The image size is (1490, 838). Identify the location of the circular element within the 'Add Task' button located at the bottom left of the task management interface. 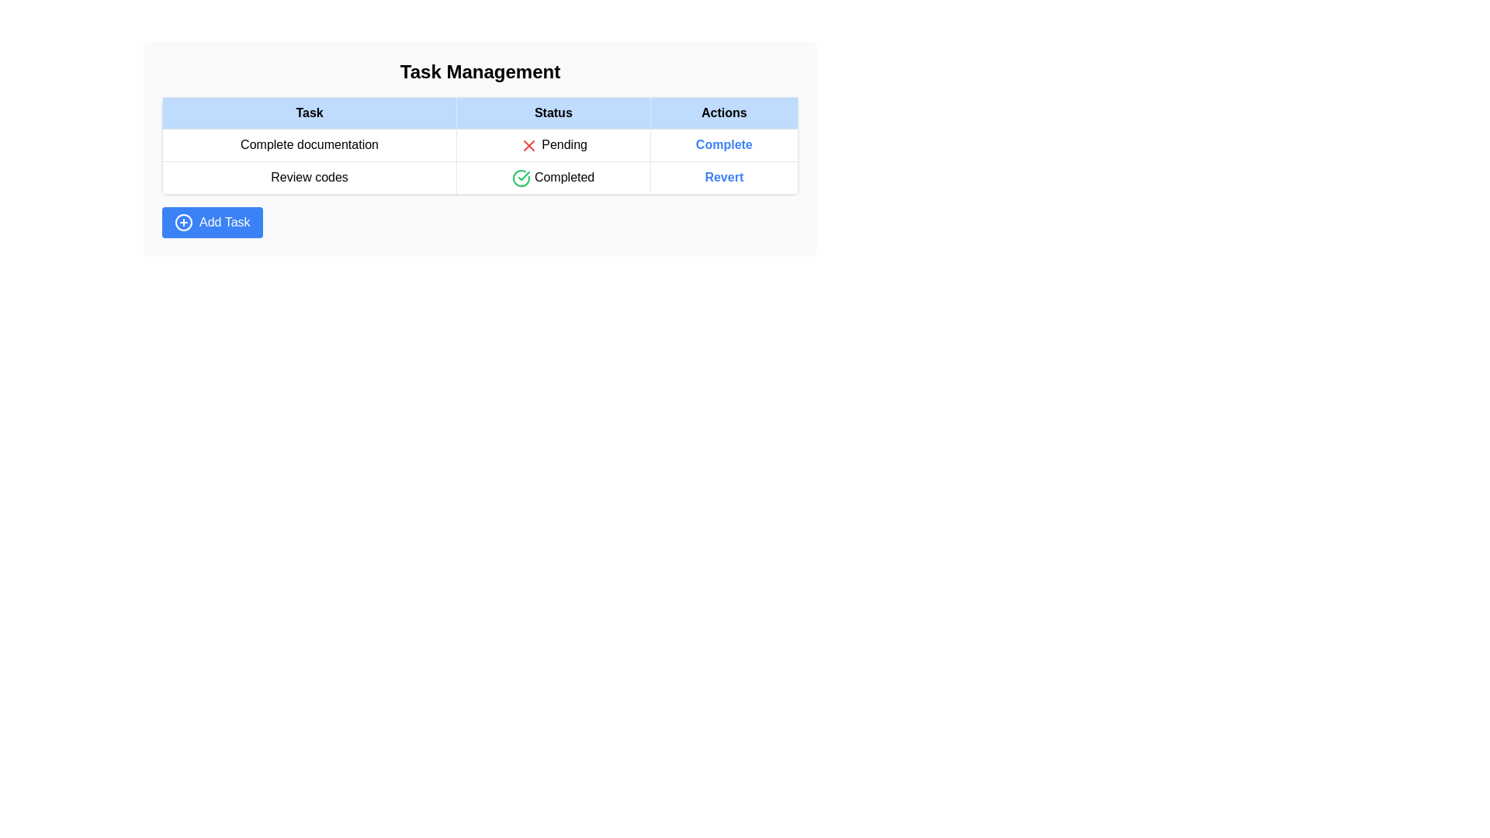
(183, 221).